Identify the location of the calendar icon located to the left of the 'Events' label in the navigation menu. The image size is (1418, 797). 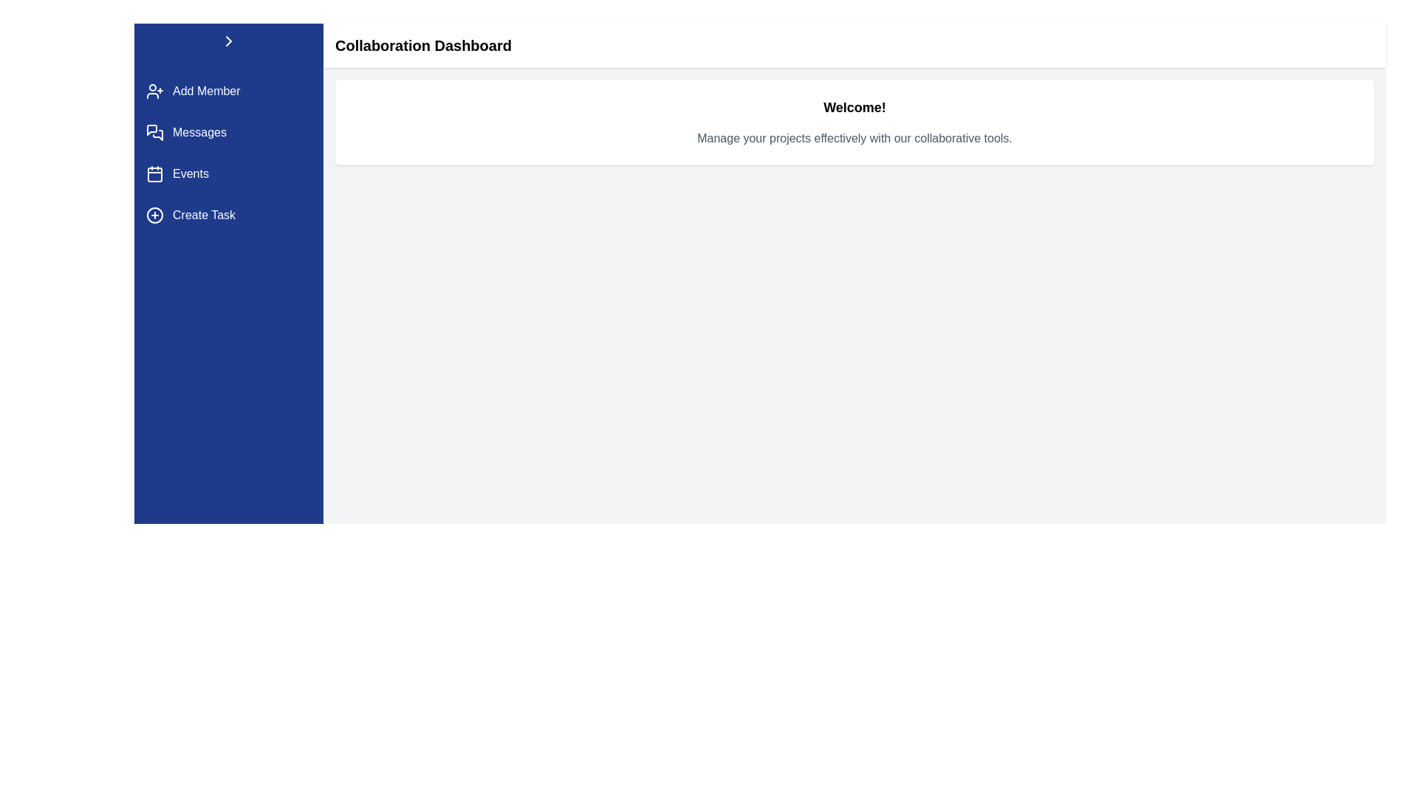
(155, 173).